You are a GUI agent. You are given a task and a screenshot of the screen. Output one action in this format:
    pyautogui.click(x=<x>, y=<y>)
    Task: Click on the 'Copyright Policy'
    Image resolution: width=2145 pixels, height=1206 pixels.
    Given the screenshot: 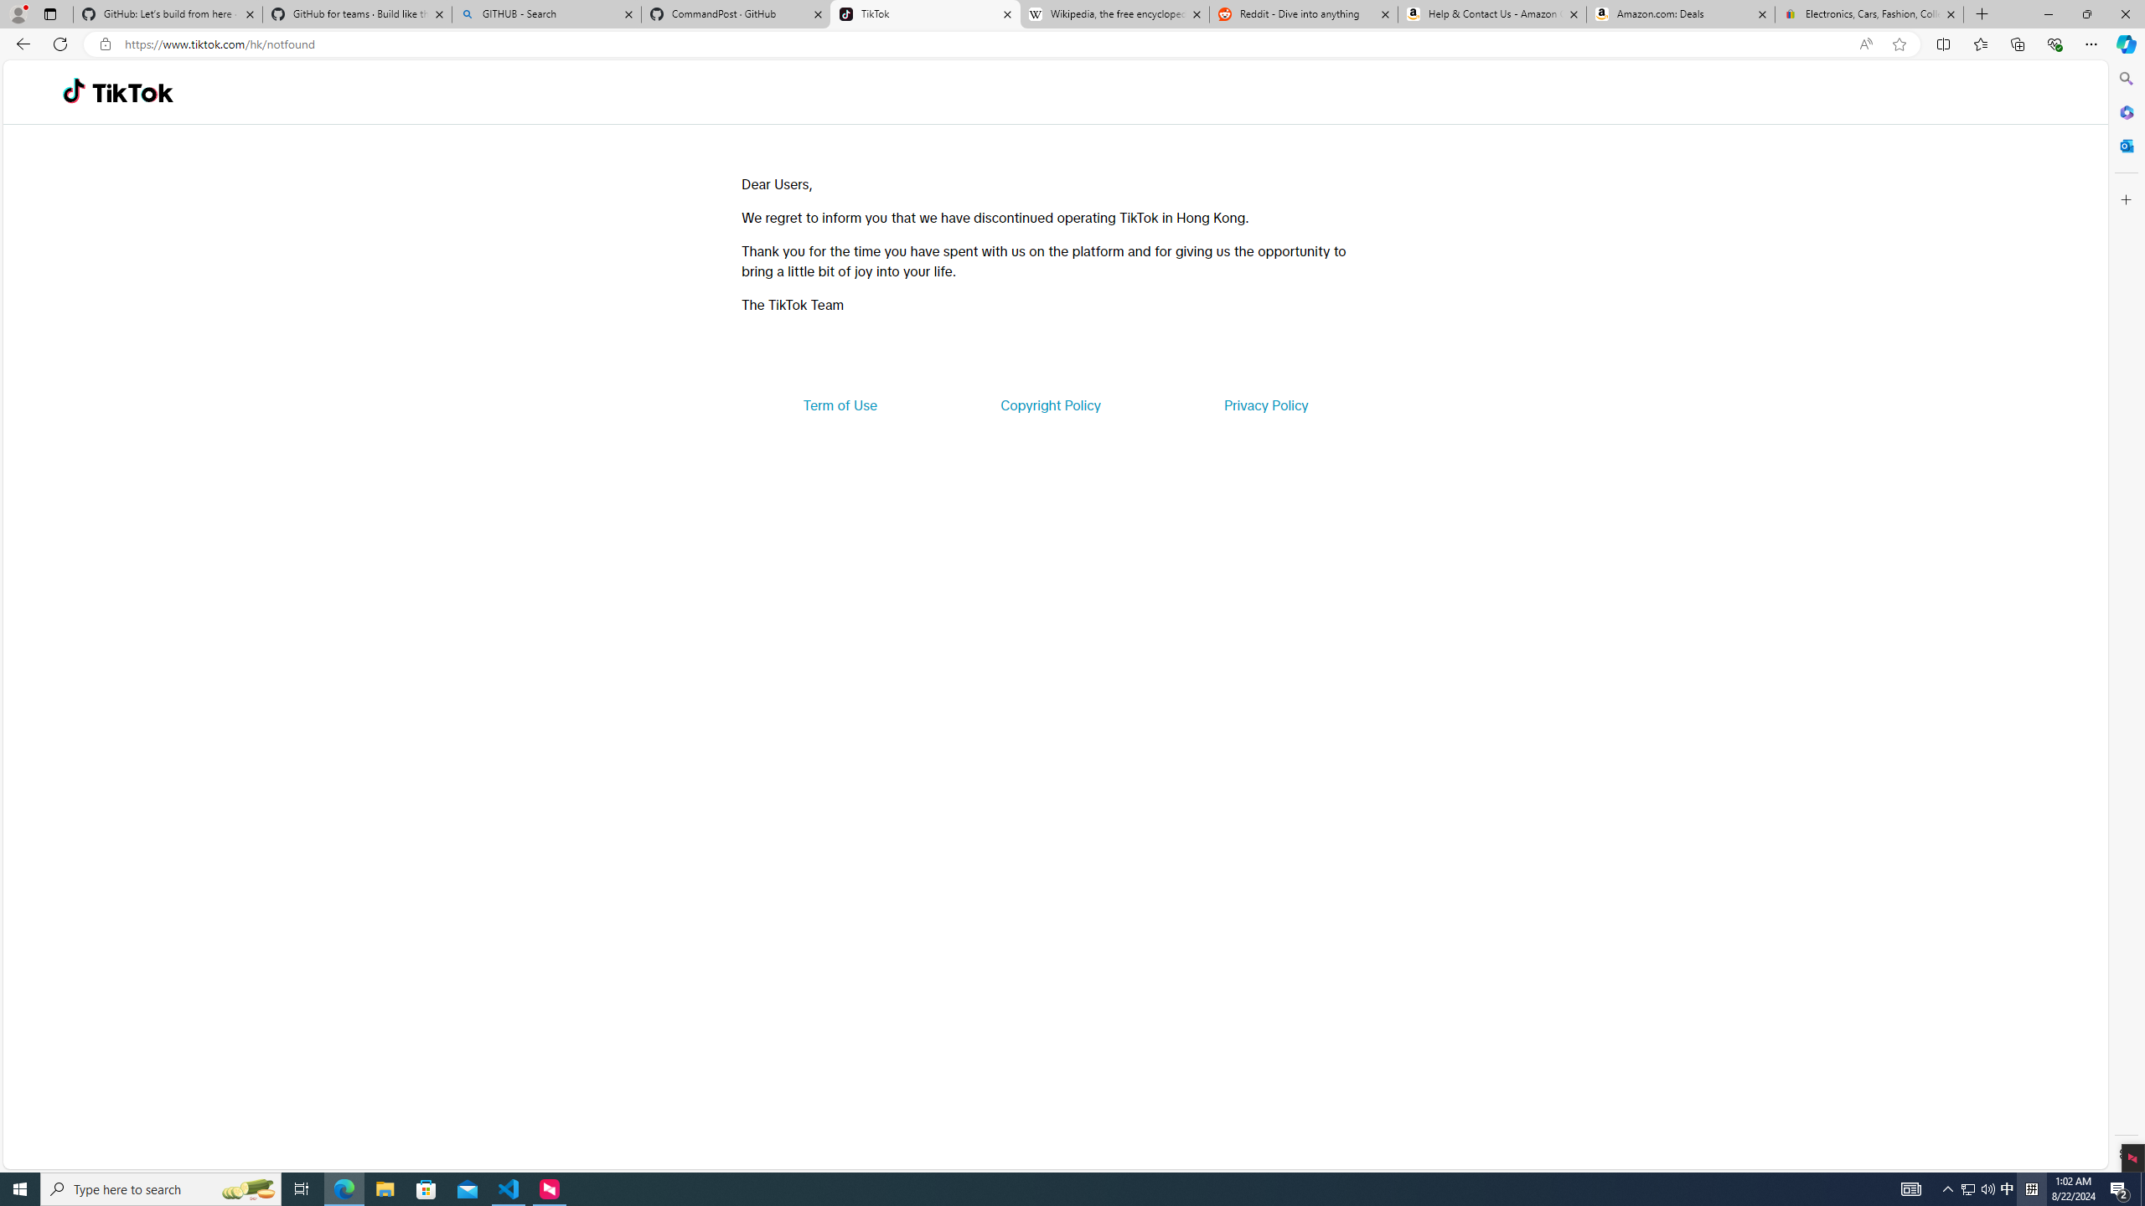 What is the action you would take?
    pyautogui.click(x=1049, y=404)
    